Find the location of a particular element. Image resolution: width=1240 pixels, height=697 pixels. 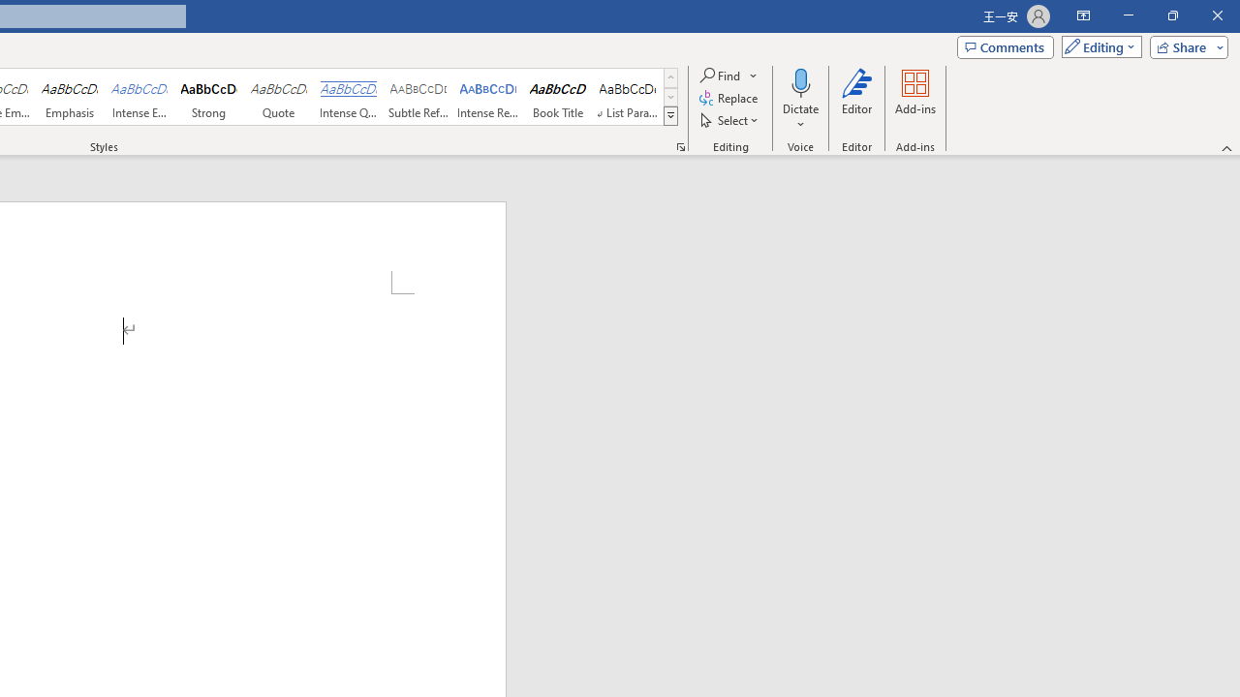

'Strong' is located at coordinates (209, 97).